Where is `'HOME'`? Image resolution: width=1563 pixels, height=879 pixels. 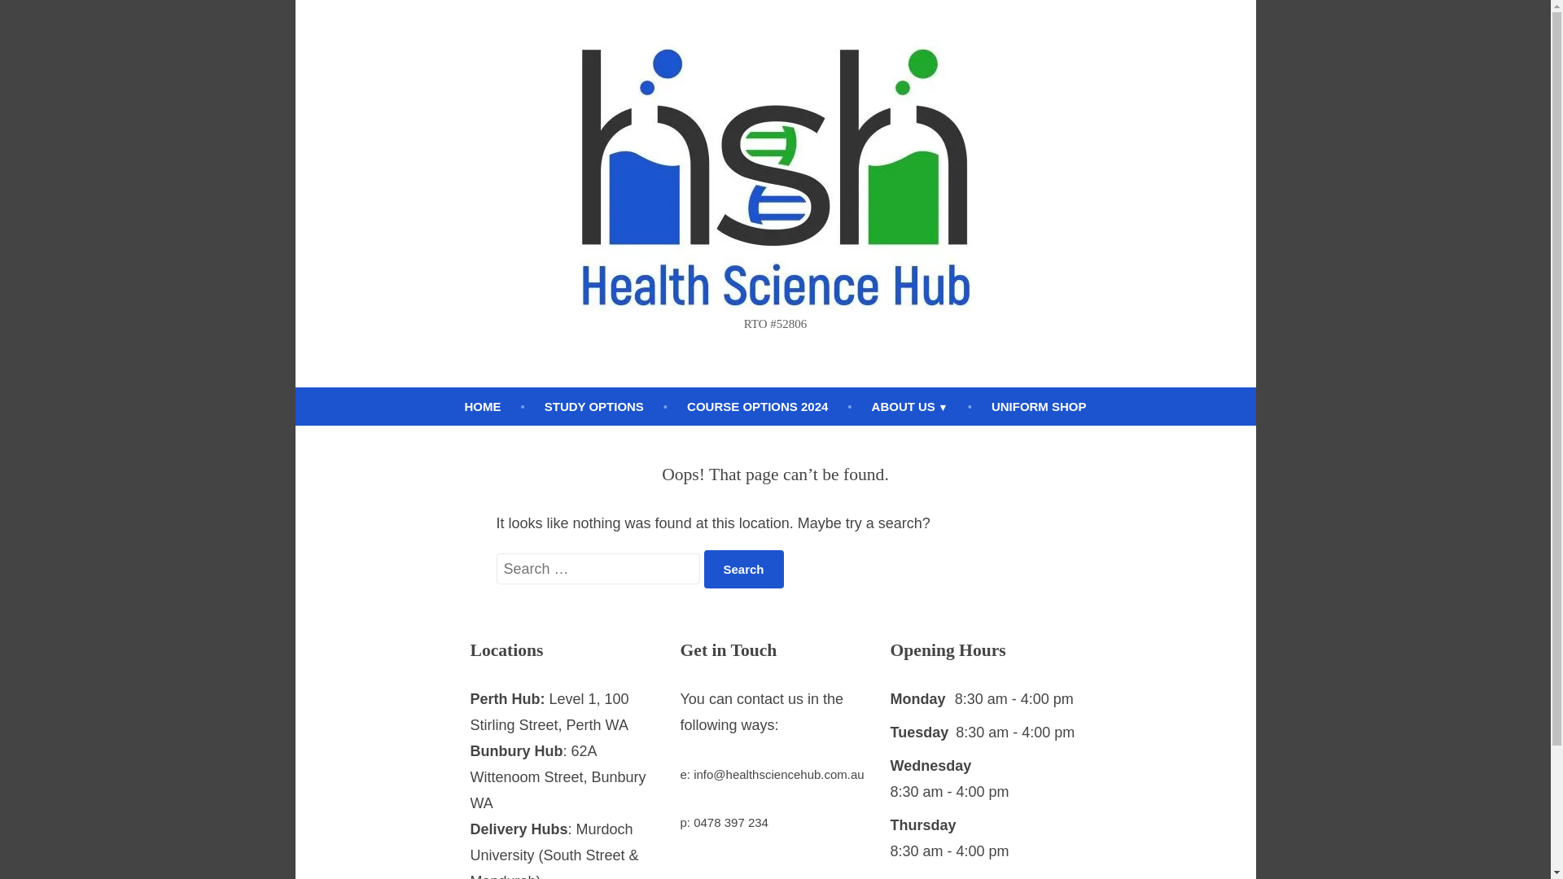 'HOME' is located at coordinates (482, 406).